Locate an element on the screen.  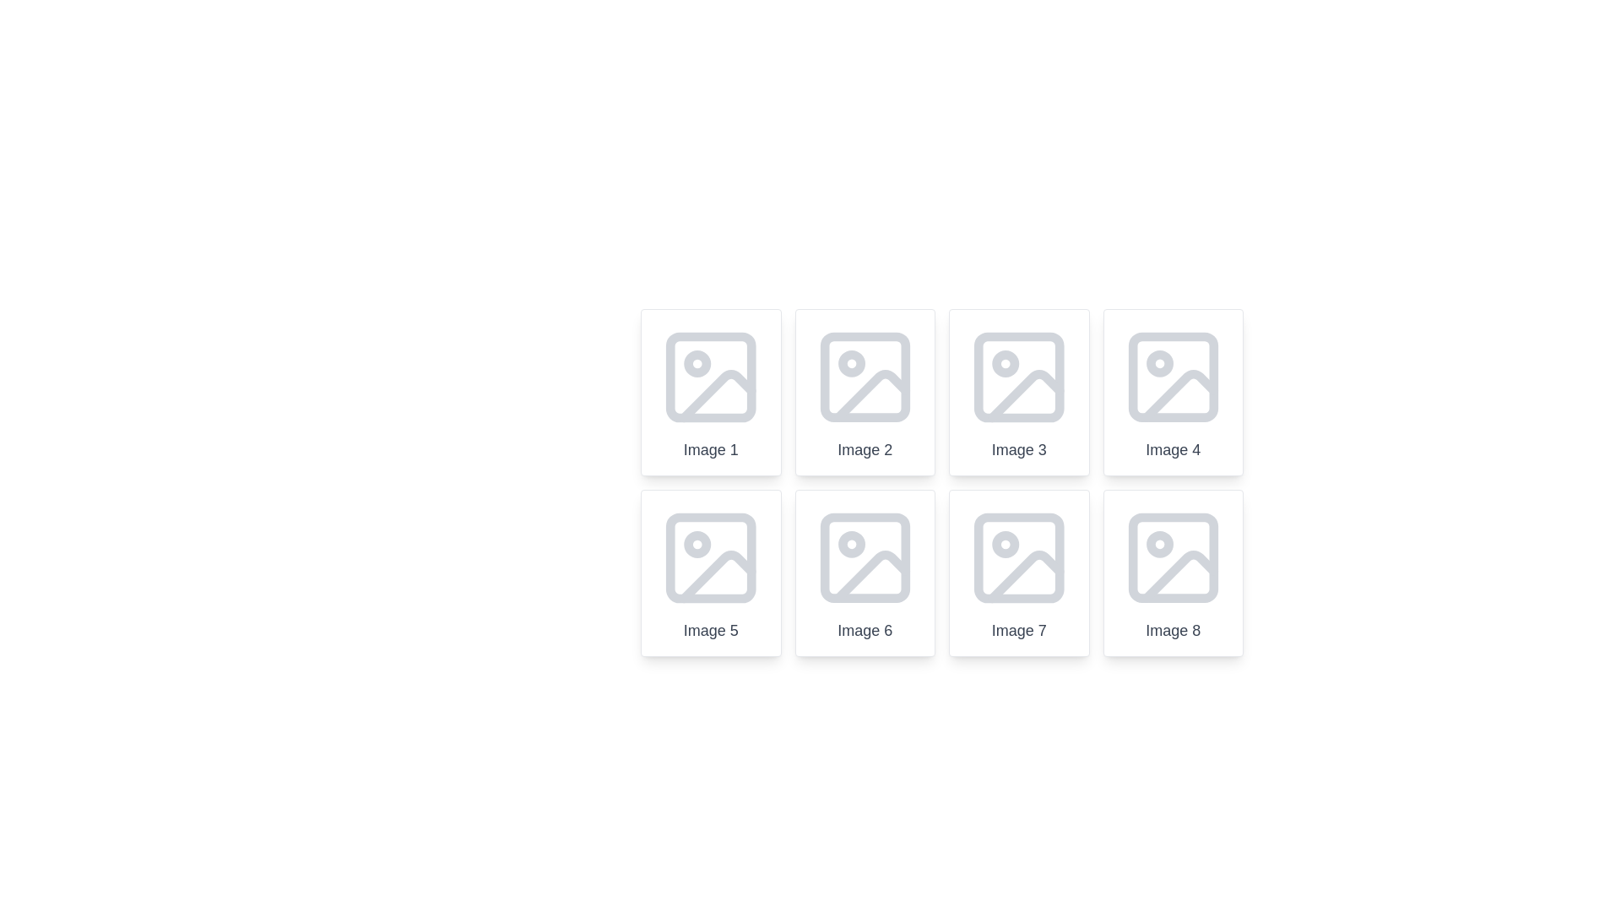
the small circular dot Icon component located within the first image placeholder labeled 'Image 1', positioned near the top-left corner of the placeholder is located at coordinates (697, 363).